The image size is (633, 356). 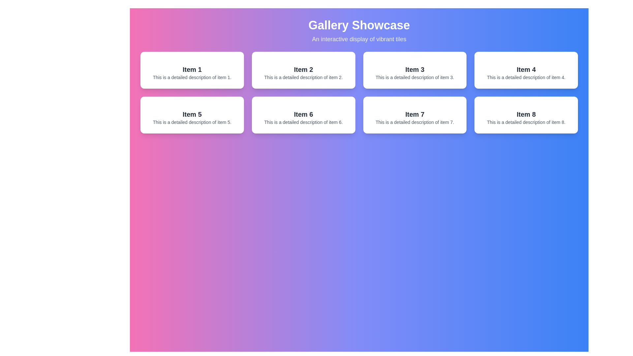 I want to click on text label located at the top center of the box in the top-left corner of the grid layout, so click(x=192, y=70).